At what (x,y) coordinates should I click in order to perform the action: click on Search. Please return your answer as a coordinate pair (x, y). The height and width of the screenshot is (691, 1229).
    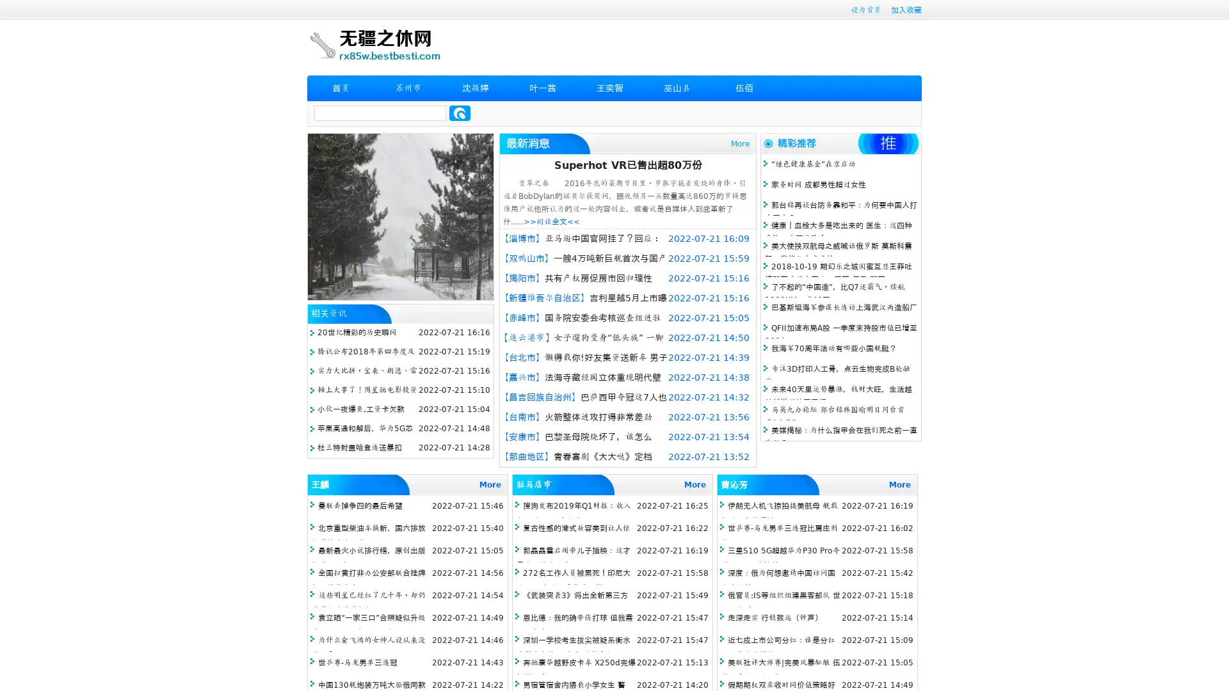
    Looking at the image, I should click on (460, 113).